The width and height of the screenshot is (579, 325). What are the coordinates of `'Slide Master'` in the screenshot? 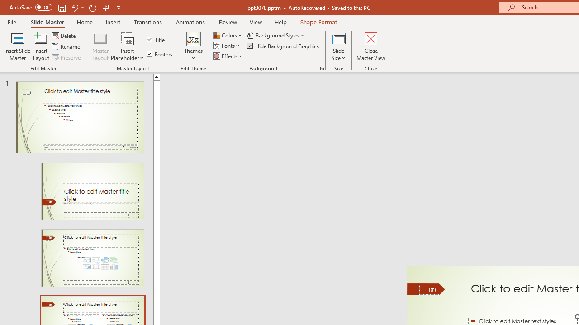 It's located at (47, 22).